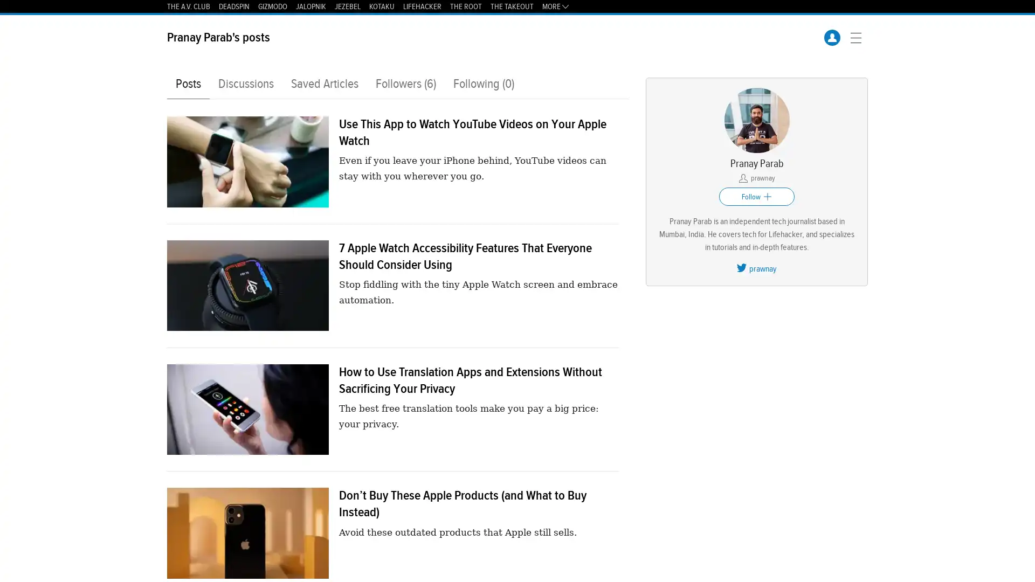  I want to click on UserFilled icon, so click(832, 37).